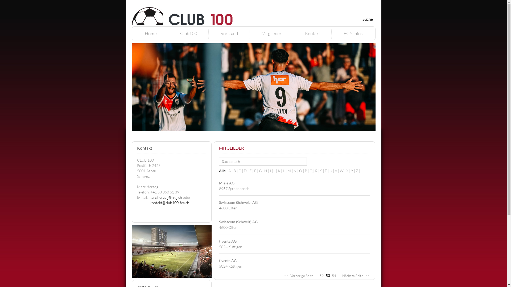 The image size is (511, 287). I want to click on 'kontakt@club100-fca.ch', so click(169, 202).